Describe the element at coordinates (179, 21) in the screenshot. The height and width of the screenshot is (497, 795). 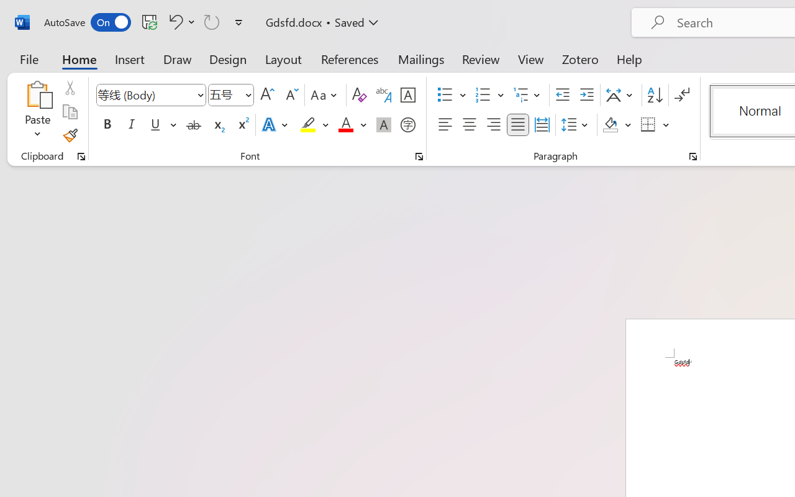
I see `'Undo Apply Quick Style'` at that location.